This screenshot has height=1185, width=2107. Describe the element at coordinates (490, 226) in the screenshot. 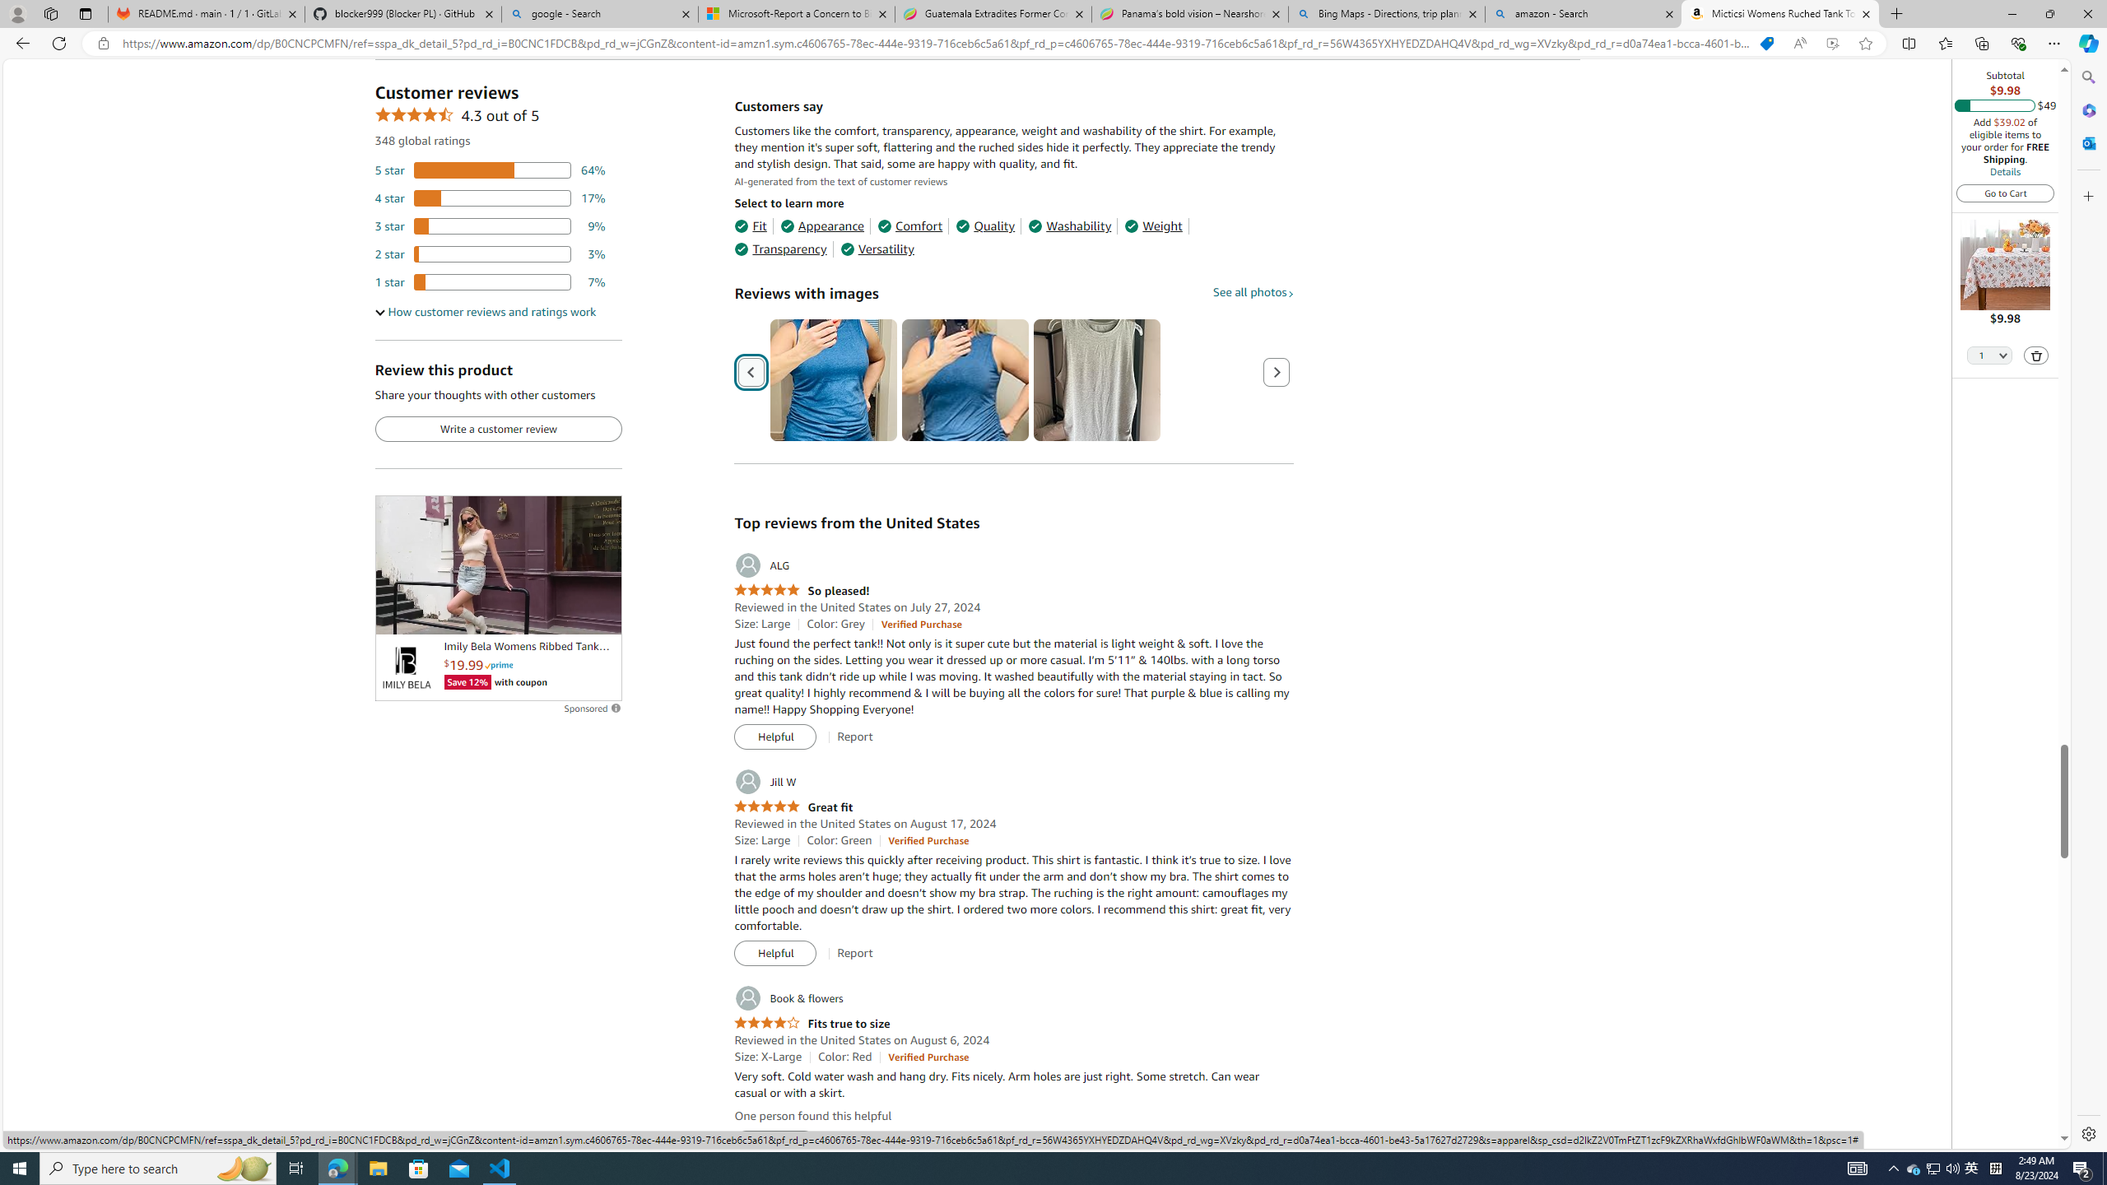

I see `'9 percent of reviews have 3 stars'` at that location.